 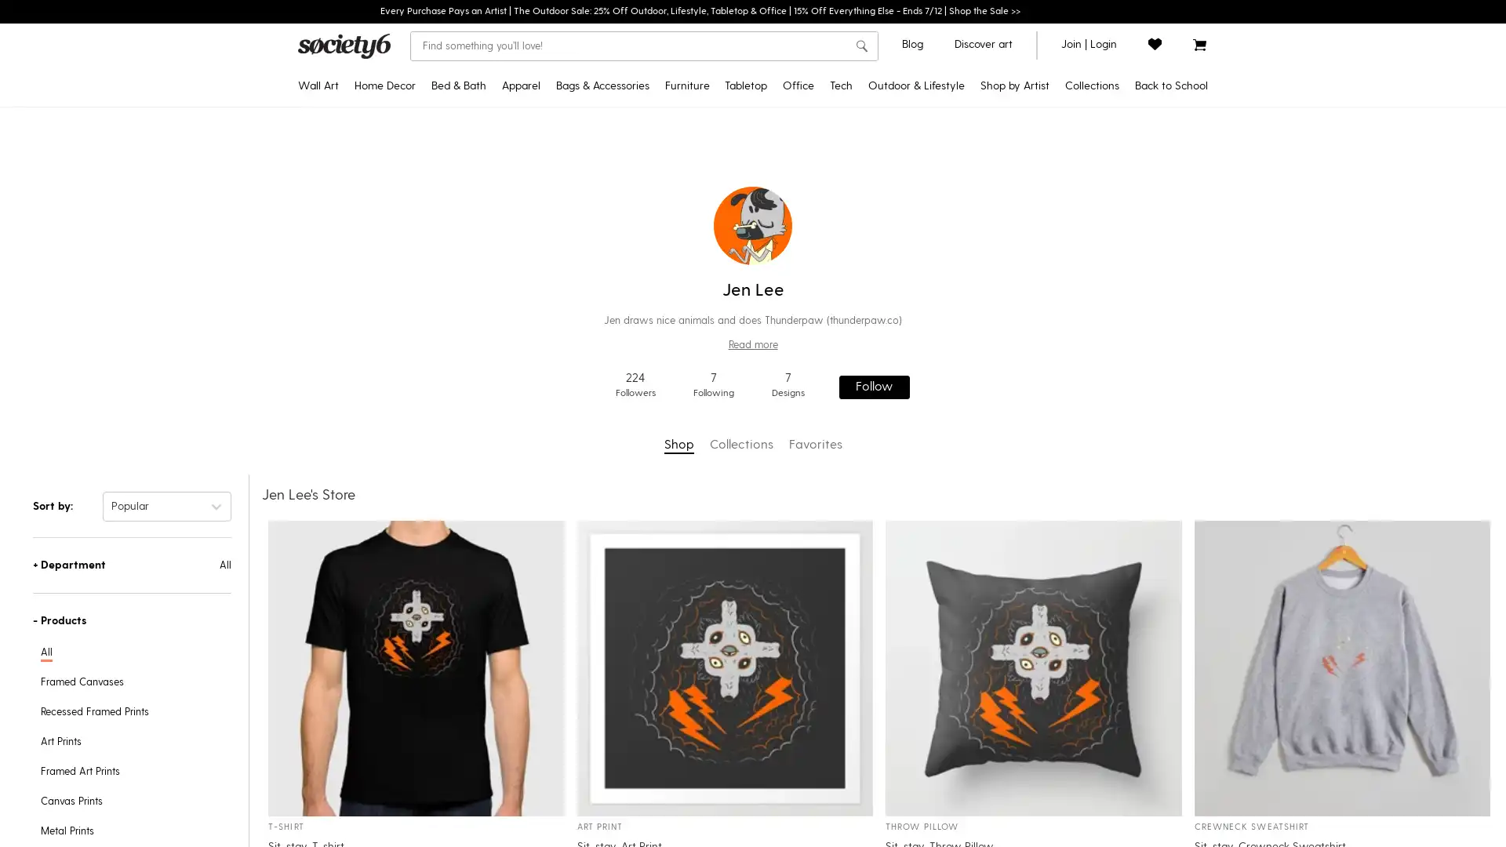 I want to click on Bar Stools, so click(x=714, y=176).